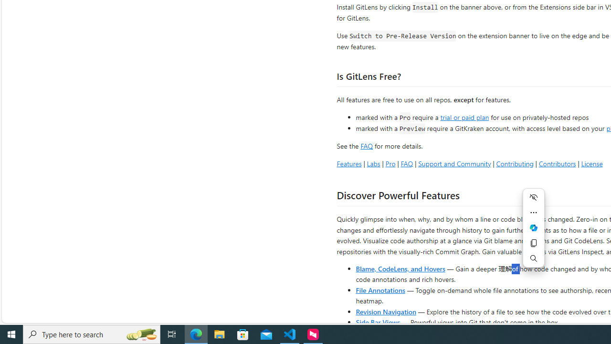 This screenshot has height=344, width=611. What do you see at coordinates (348, 163) in the screenshot?
I see `'Features'` at bounding box center [348, 163].